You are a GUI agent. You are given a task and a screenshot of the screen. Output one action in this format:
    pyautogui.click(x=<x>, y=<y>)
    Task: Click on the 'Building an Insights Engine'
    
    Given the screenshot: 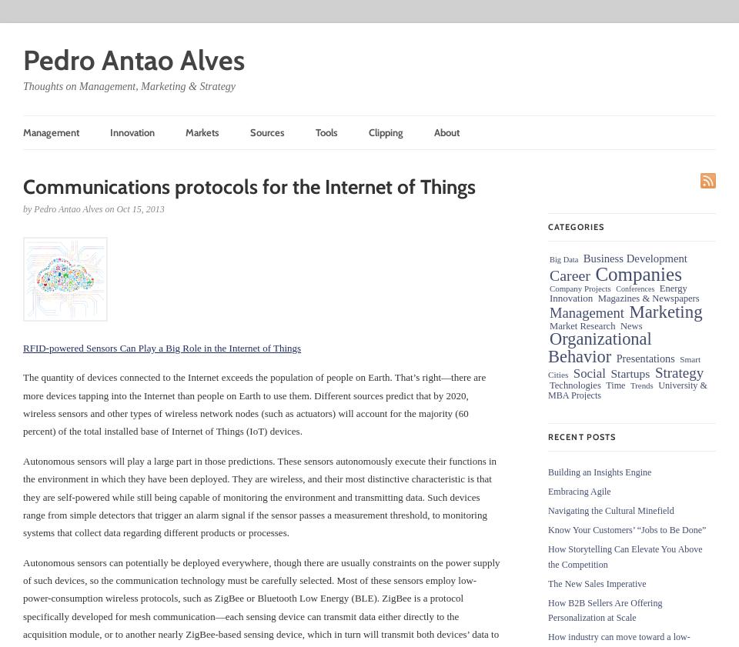 What is the action you would take?
    pyautogui.click(x=548, y=472)
    